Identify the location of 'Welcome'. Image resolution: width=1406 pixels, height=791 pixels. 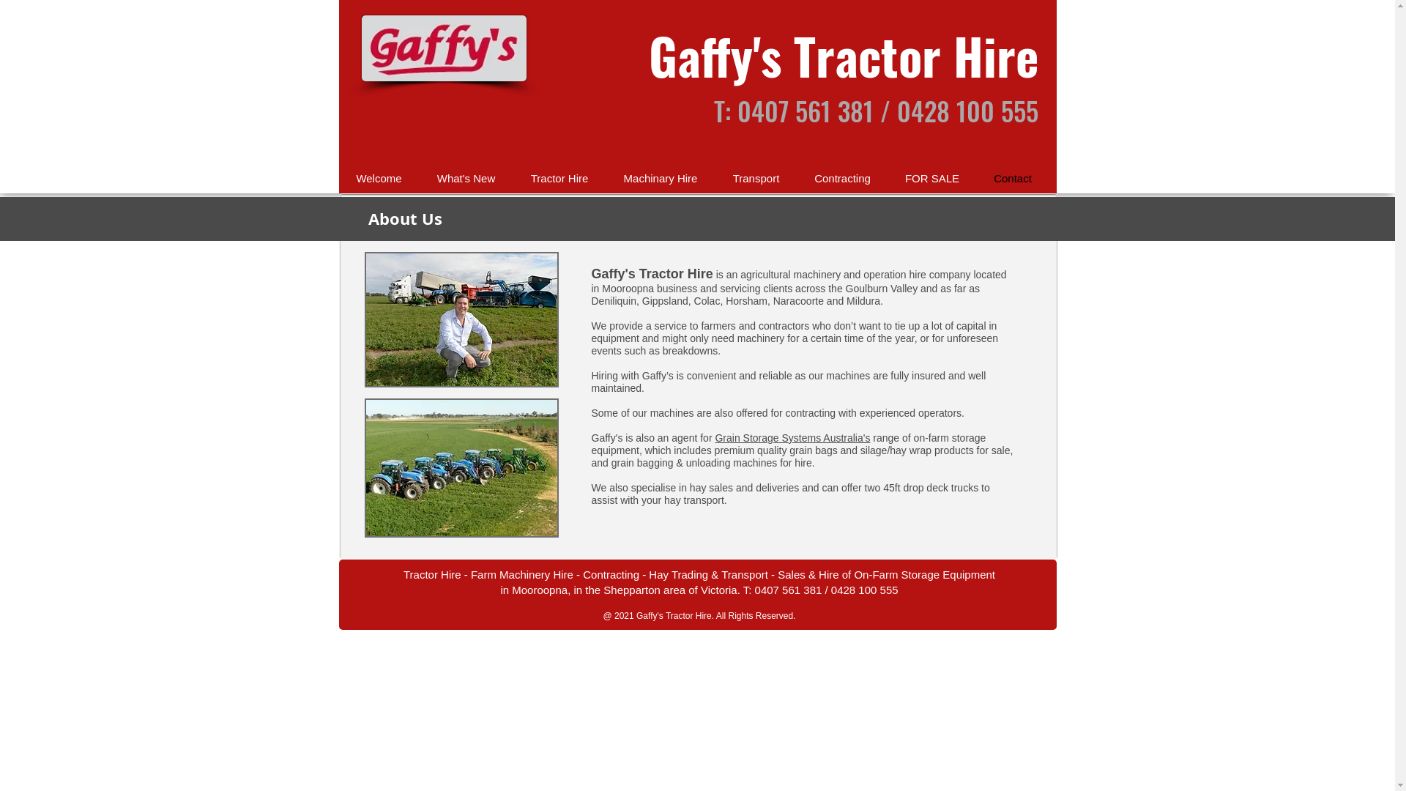
(337, 177).